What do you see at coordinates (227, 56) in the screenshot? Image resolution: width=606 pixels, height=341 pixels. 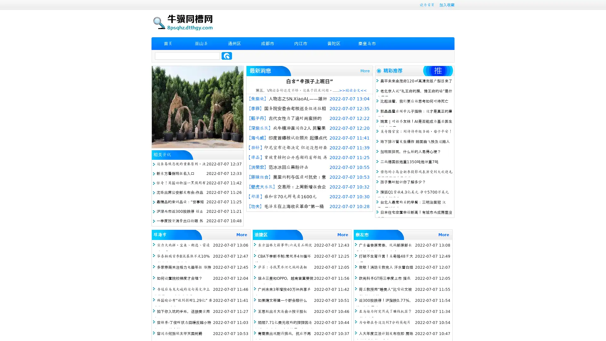 I see `Search` at bounding box center [227, 56].